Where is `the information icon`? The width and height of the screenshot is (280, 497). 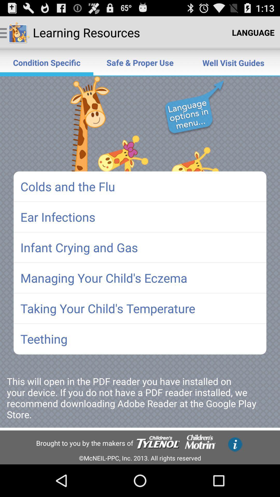
the information icon is located at coordinates (235, 444).